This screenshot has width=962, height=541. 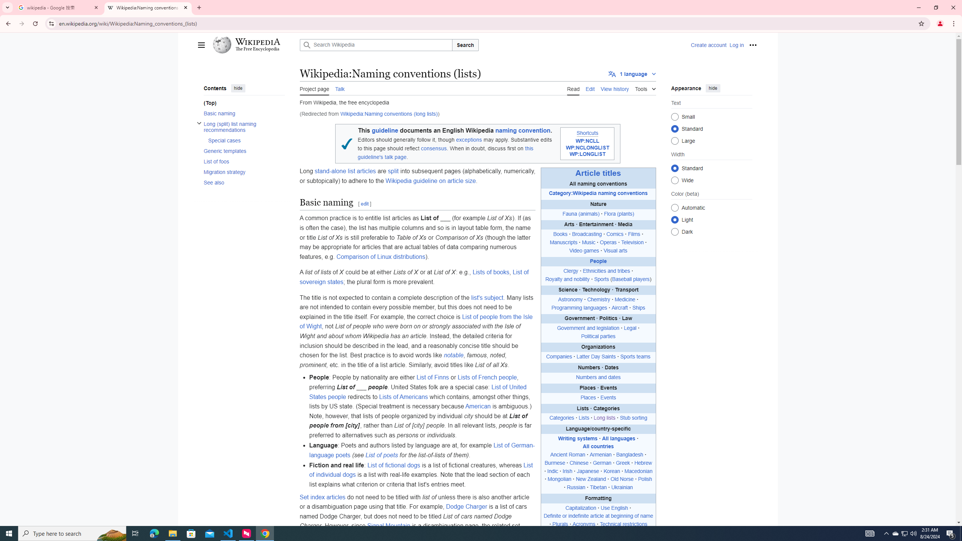 What do you see at coordinates (622, 488) in the screenshot?
I see `'Ukrainian'` at bounding box center [622, 488].